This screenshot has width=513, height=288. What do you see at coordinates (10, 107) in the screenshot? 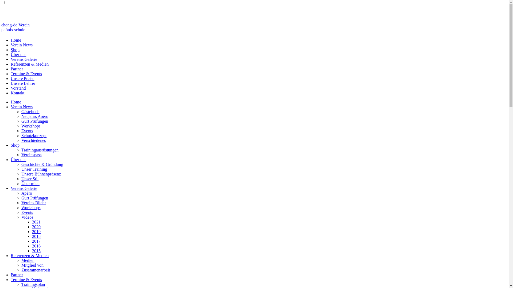
I see `'Verein News'` at bounding box center [10, 107].